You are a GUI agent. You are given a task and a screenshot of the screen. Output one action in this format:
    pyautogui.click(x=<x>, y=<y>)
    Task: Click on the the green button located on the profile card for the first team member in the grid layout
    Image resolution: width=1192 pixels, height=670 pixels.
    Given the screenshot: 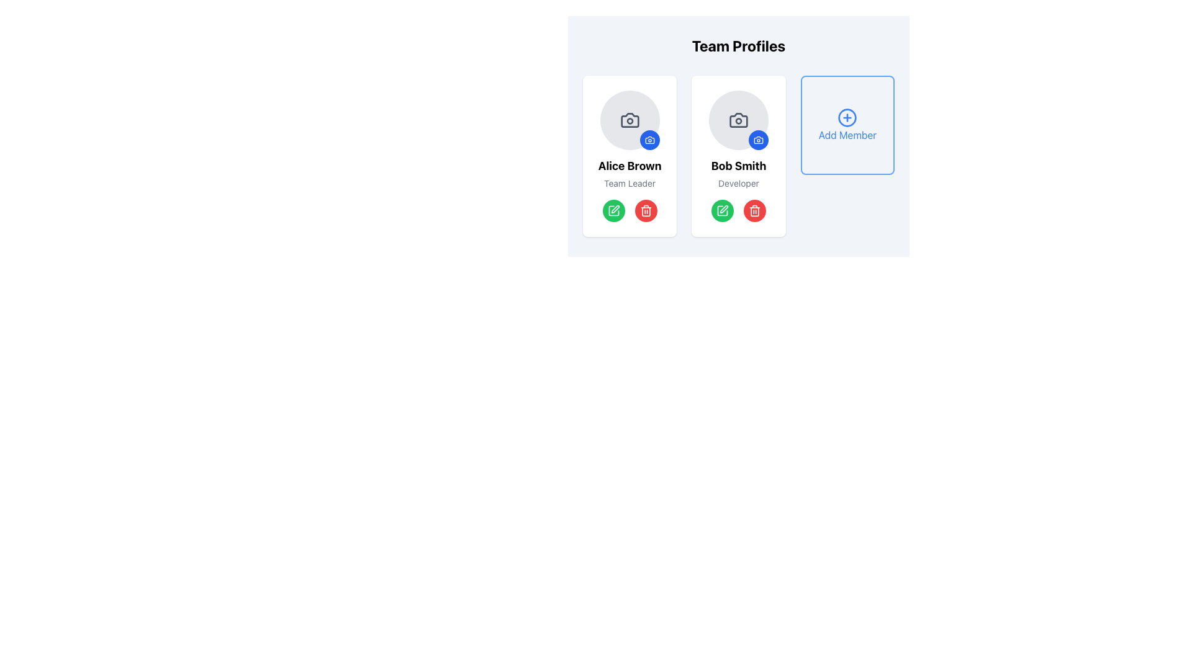 What is the action you would take?
    pyautogui.click(x=630, y=155)
    